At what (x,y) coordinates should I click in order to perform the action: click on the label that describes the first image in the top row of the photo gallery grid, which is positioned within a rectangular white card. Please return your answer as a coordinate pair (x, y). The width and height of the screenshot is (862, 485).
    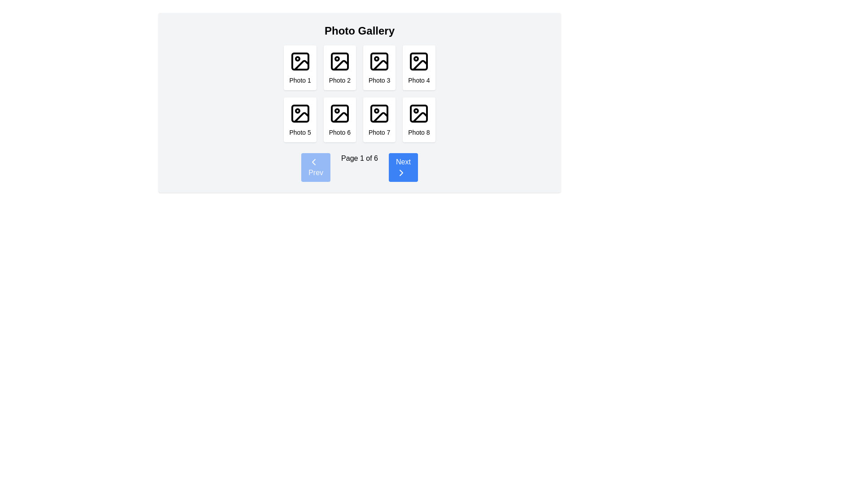
    Looking at the image, I should click on (300, 79).